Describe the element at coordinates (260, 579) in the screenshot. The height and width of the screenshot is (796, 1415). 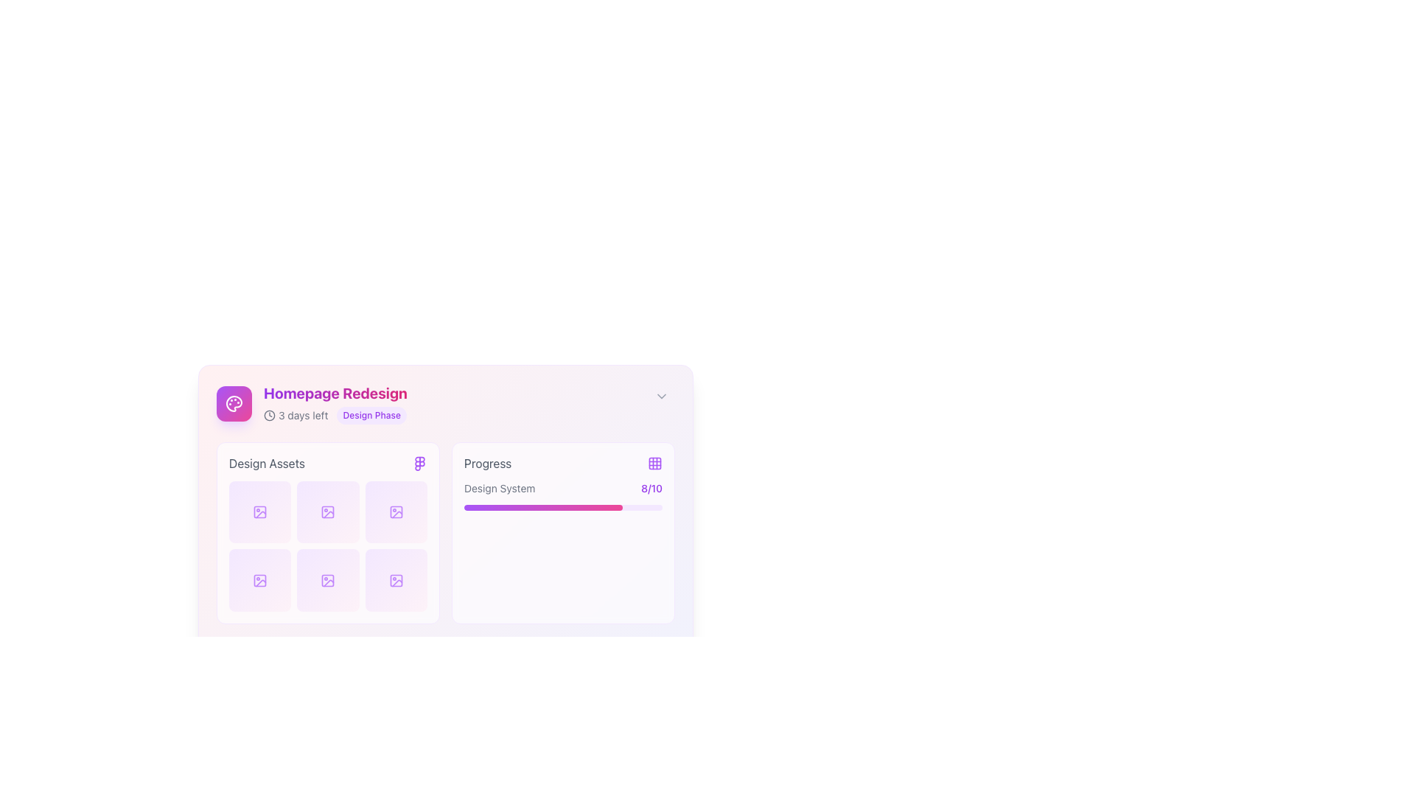
I see `the SVG icon shaped like a picture frame with a purple stroke, located in the second row and first column of the 'Design Assets' section grid` at that location.